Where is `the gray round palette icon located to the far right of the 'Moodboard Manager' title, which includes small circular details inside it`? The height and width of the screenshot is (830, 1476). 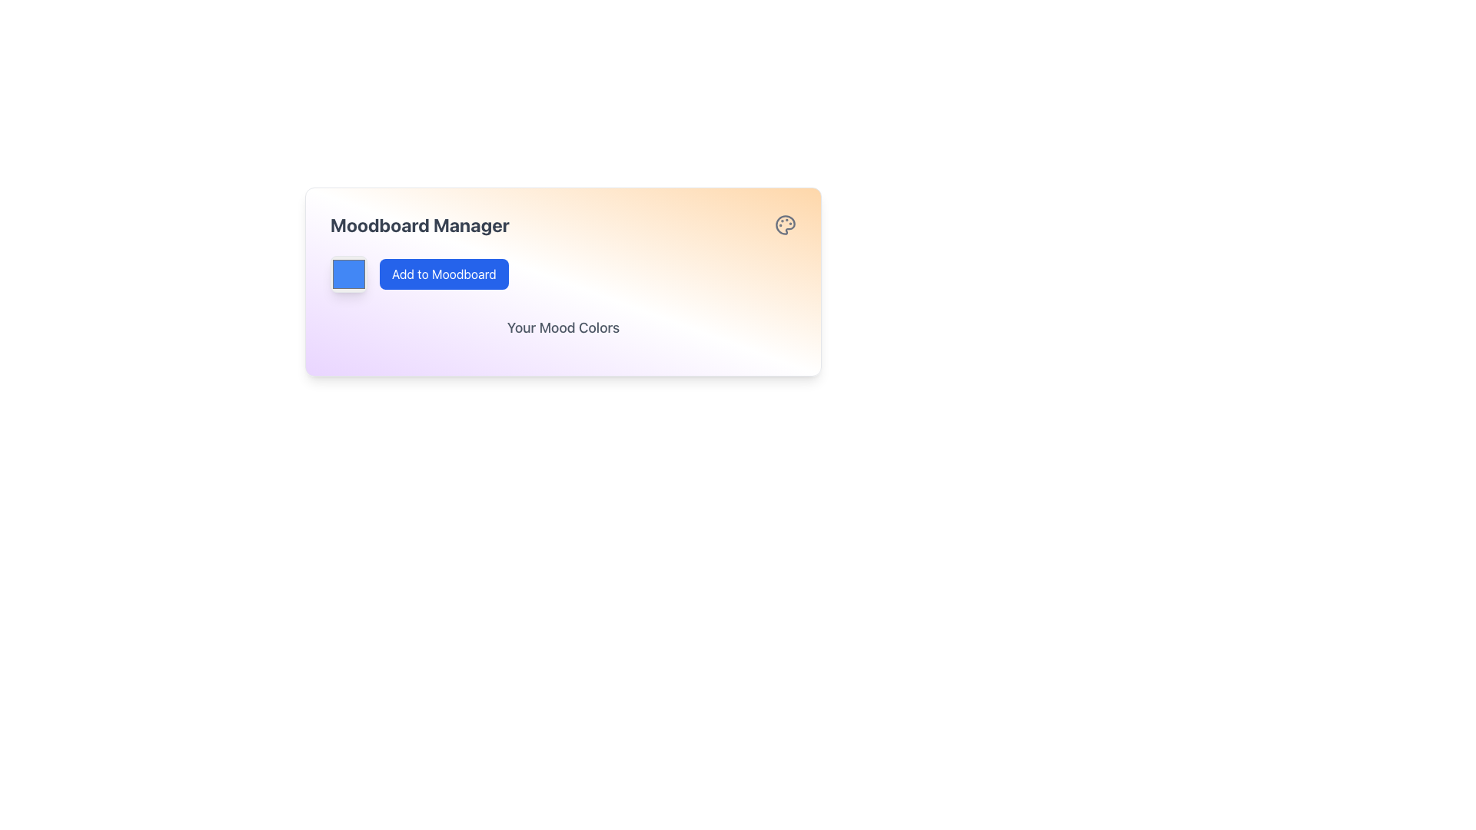 the gray round palette icon located to the far right of the 'Moodboard Manager' title, which includes small circular details inside it is located at coordinates (786, 225).